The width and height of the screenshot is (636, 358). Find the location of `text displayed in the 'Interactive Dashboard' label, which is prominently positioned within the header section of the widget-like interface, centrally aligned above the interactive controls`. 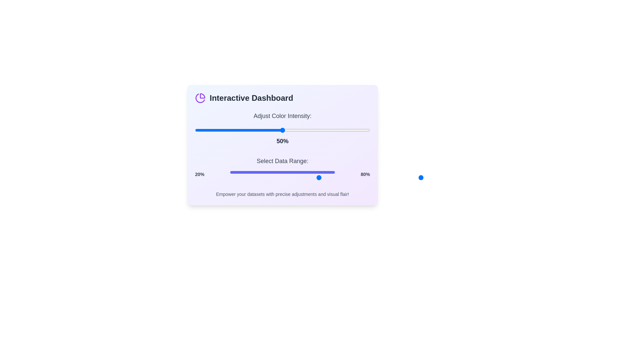

text displayed in the 'Interactive Dashboard' label, which is prominently positioned within the header section of the widget-like interface, centrally aligned above the interactive controls is located at coordinates (251, 98).